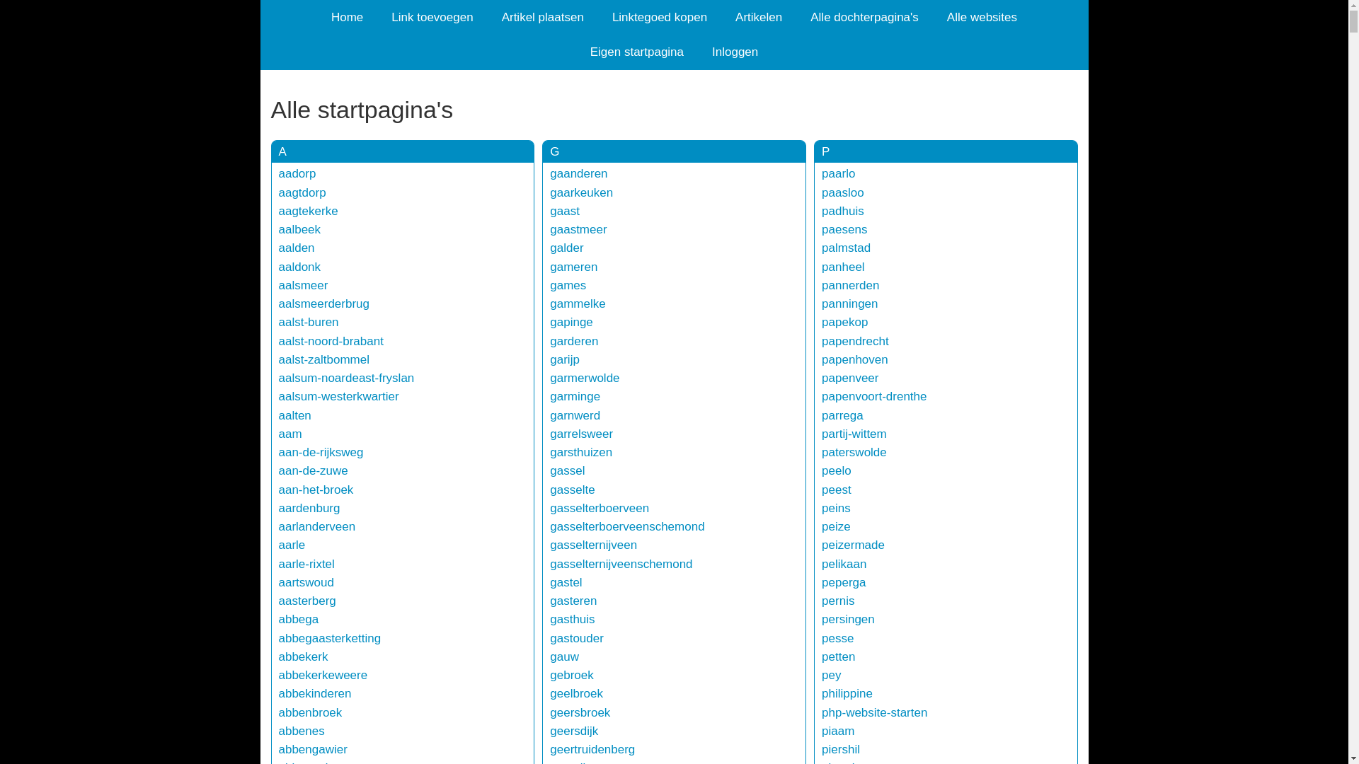  Describe the element at coordinates (323, 303) in the screenshot. I see `'aalsmeerderbrug'` at that location.